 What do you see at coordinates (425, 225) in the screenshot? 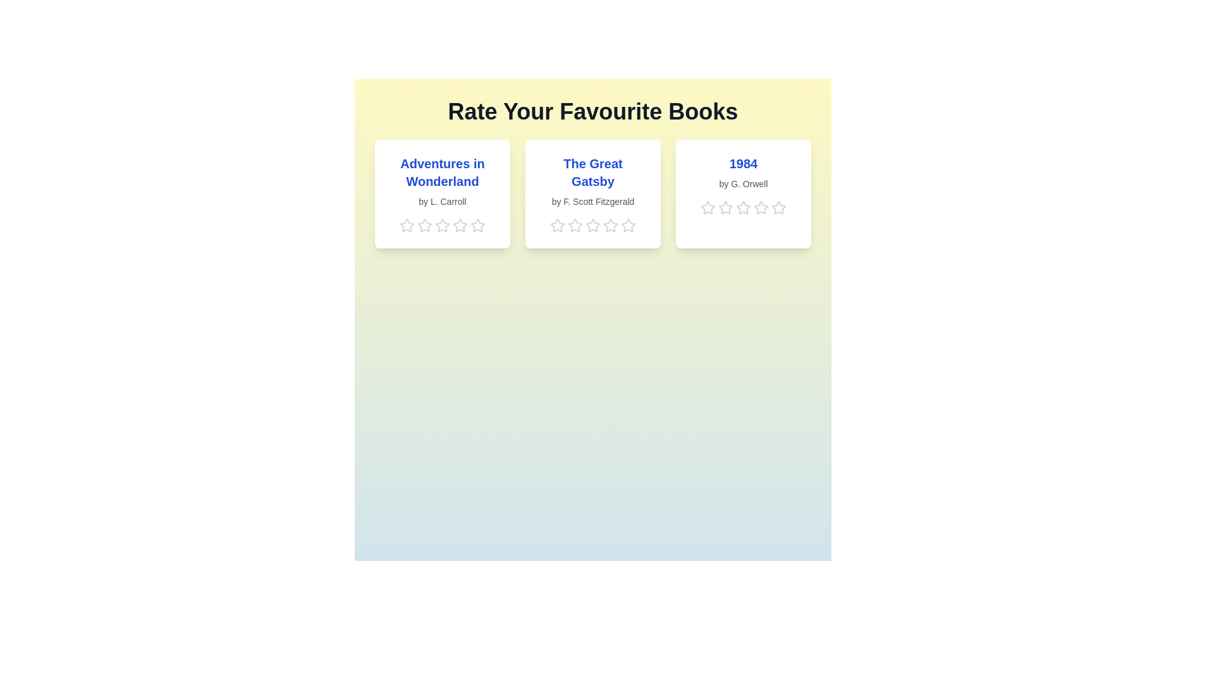
I see `the 2 star for the book titled 'Adventures in Wonderland'` at bounding box center [425, 225].